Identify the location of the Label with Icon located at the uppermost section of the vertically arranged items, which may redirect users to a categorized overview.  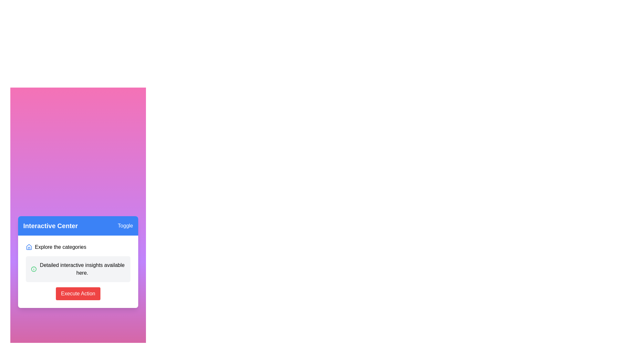
(77, 247).